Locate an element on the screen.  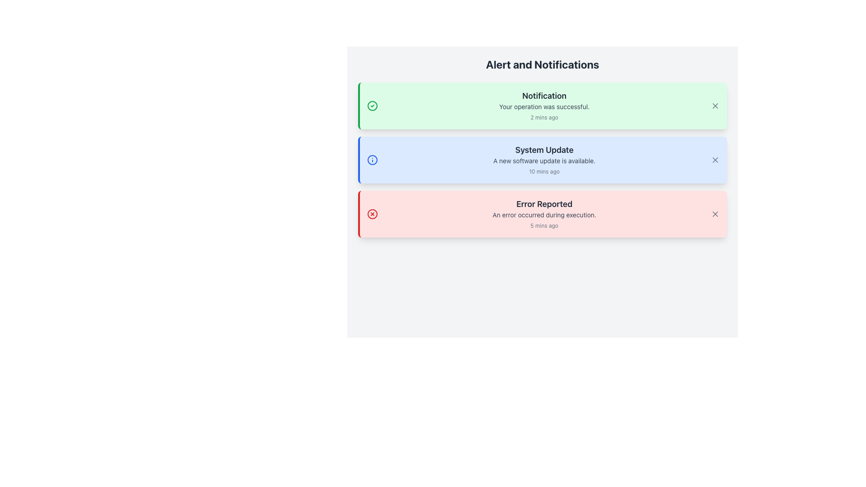
the text label displaying 'Alert and Notifications', which is bold and large, located at the top of the page and centered above the notifications list is located at coordinates (542, 64).